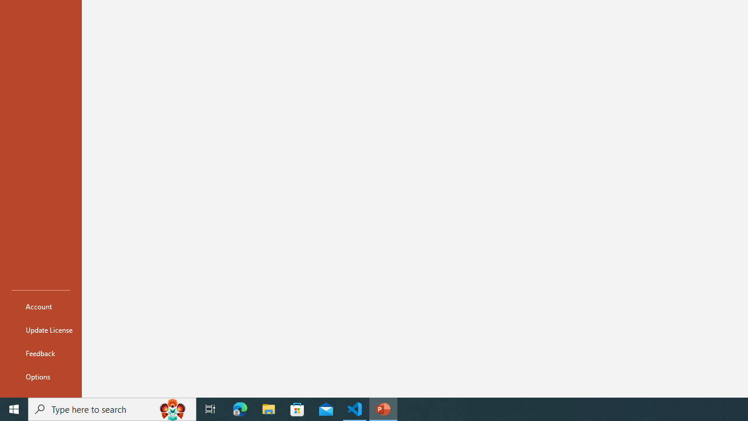  I want to click on 'Account', so click(40, 306).